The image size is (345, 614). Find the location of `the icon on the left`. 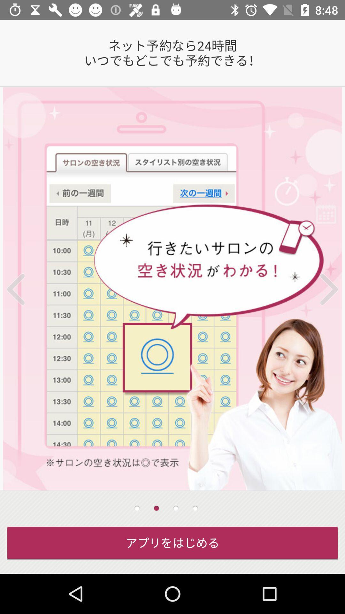

the icon on the left is located at coordinates (24, 289).